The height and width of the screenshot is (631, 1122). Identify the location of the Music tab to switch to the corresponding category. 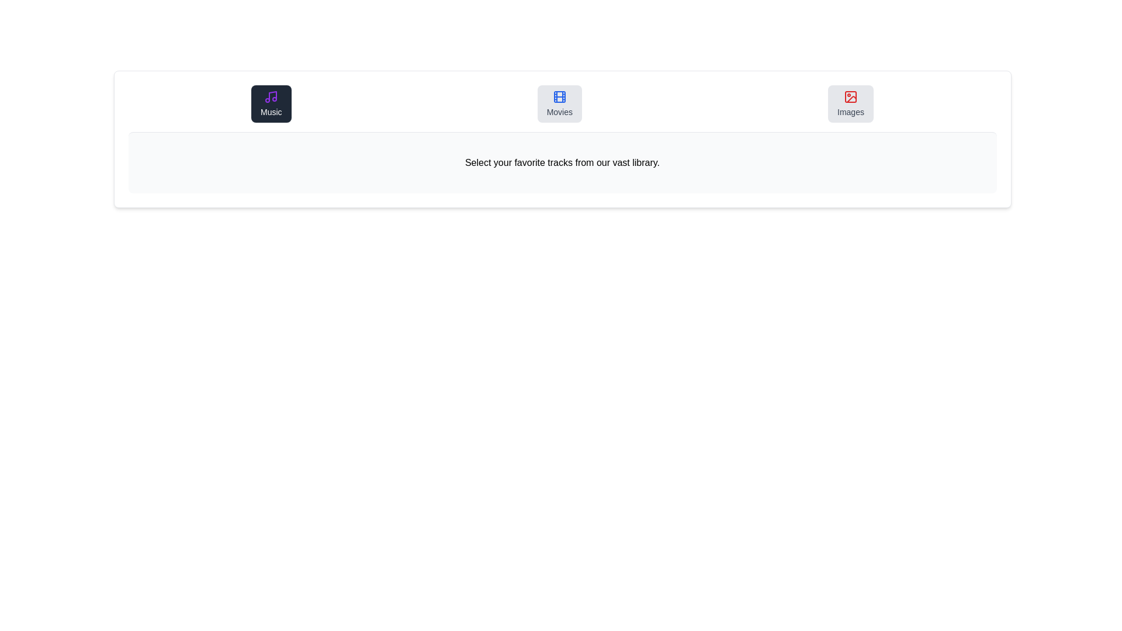
(271, 103).